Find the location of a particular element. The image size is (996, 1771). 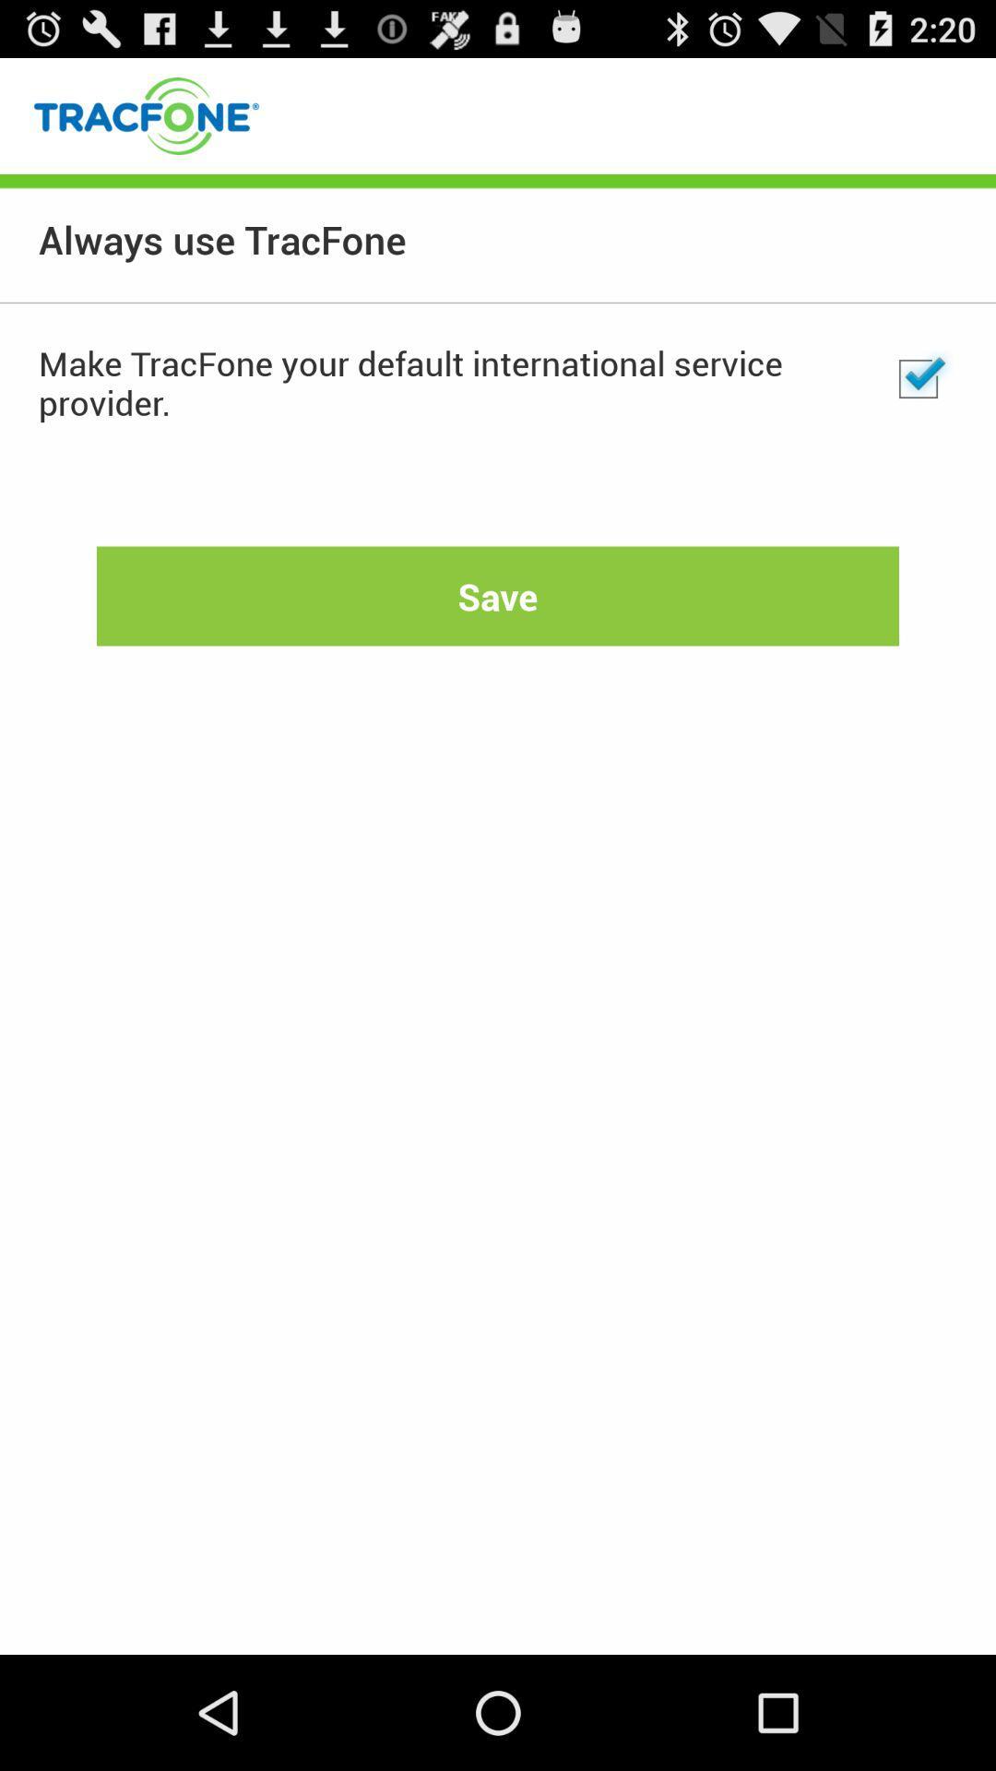

the item below make tracfone your app is located at coordinates (498, 596).